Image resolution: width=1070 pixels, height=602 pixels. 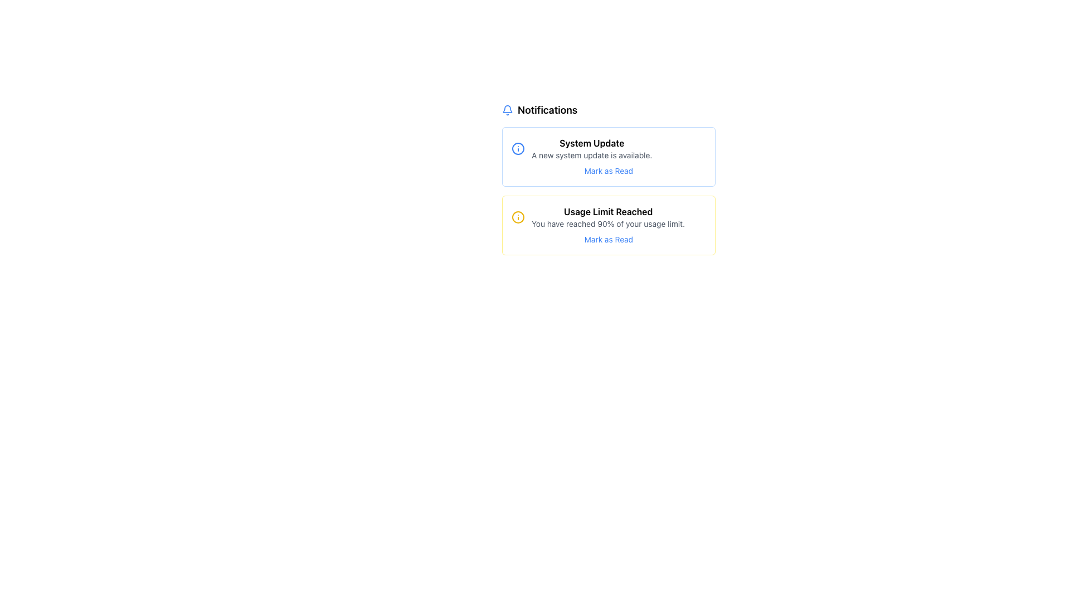 I want to click on the informational text that states 'A new system update is available,' which is located beneath the 'System Update' heading and above the 'Mark as Read' button, so click(x=591, y=155).